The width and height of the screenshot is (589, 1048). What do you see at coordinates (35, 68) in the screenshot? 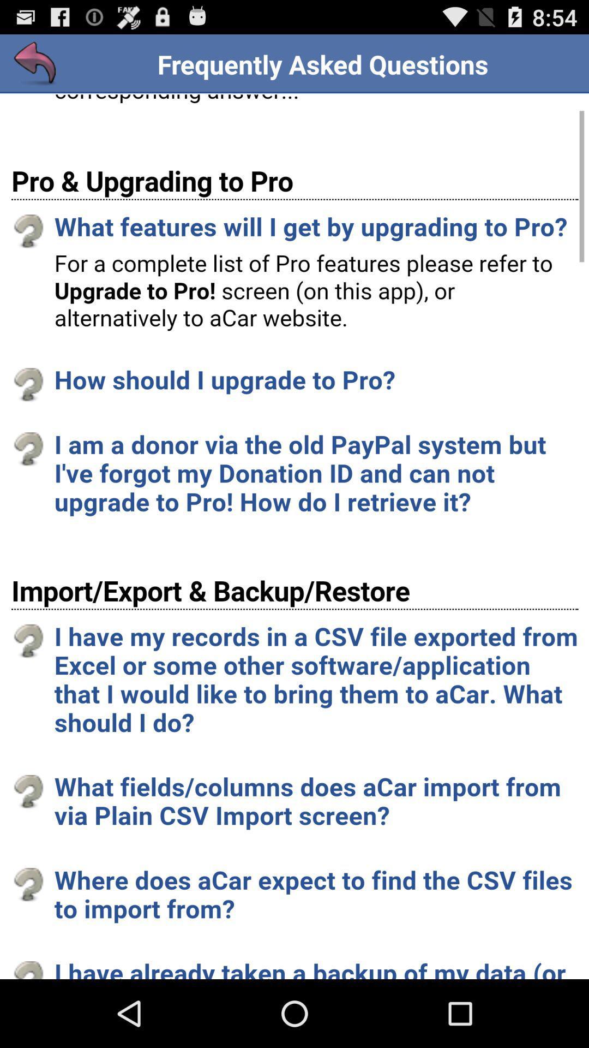
I see `the reply icon` at bounding box center [35, 68].